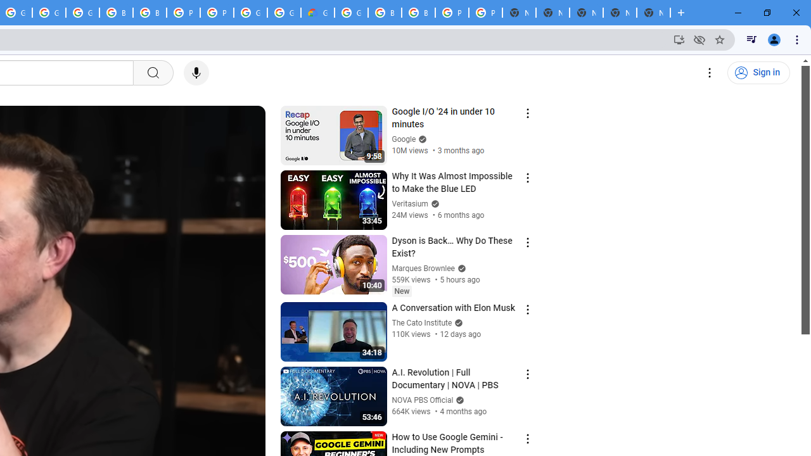 Image resolution: width=811 pixels, height=456 pixels. What do you see at coordinates (527, 438) in the screenshot?
I see `'Action menu'` at bounding box center [527, 438].